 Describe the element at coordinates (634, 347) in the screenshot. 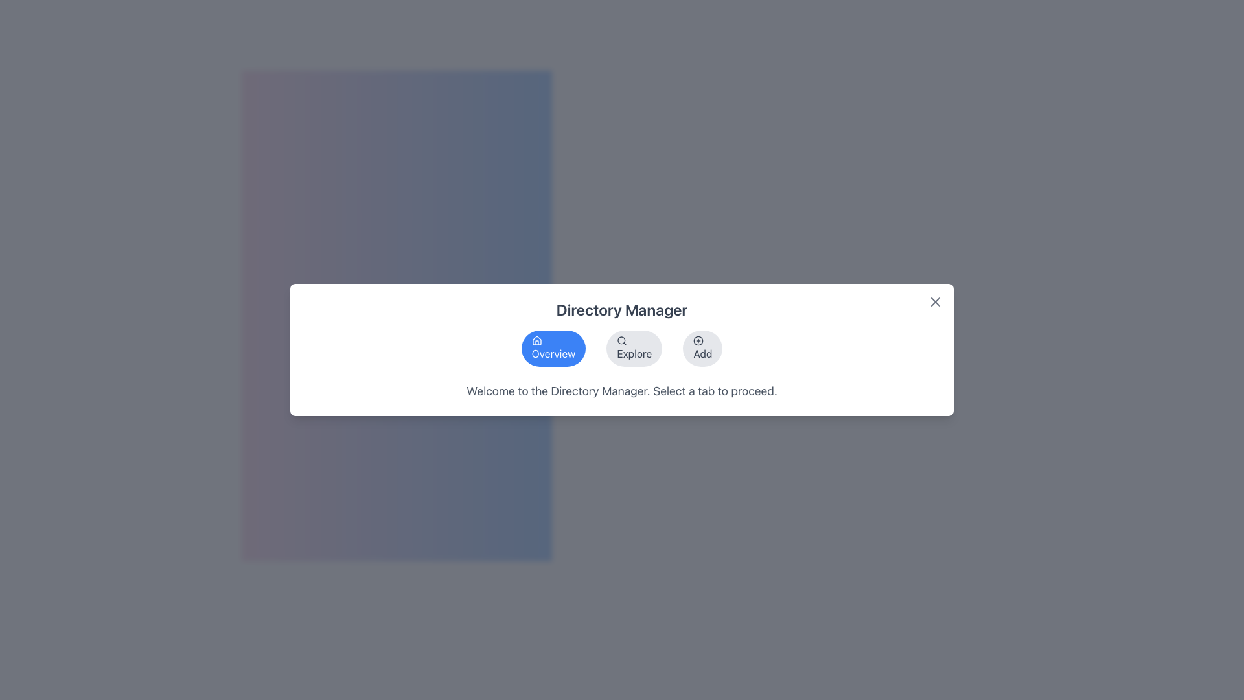

I see `the second button in the horizontally aligned group within the 'Directory Manager' modal dialog` at that location.